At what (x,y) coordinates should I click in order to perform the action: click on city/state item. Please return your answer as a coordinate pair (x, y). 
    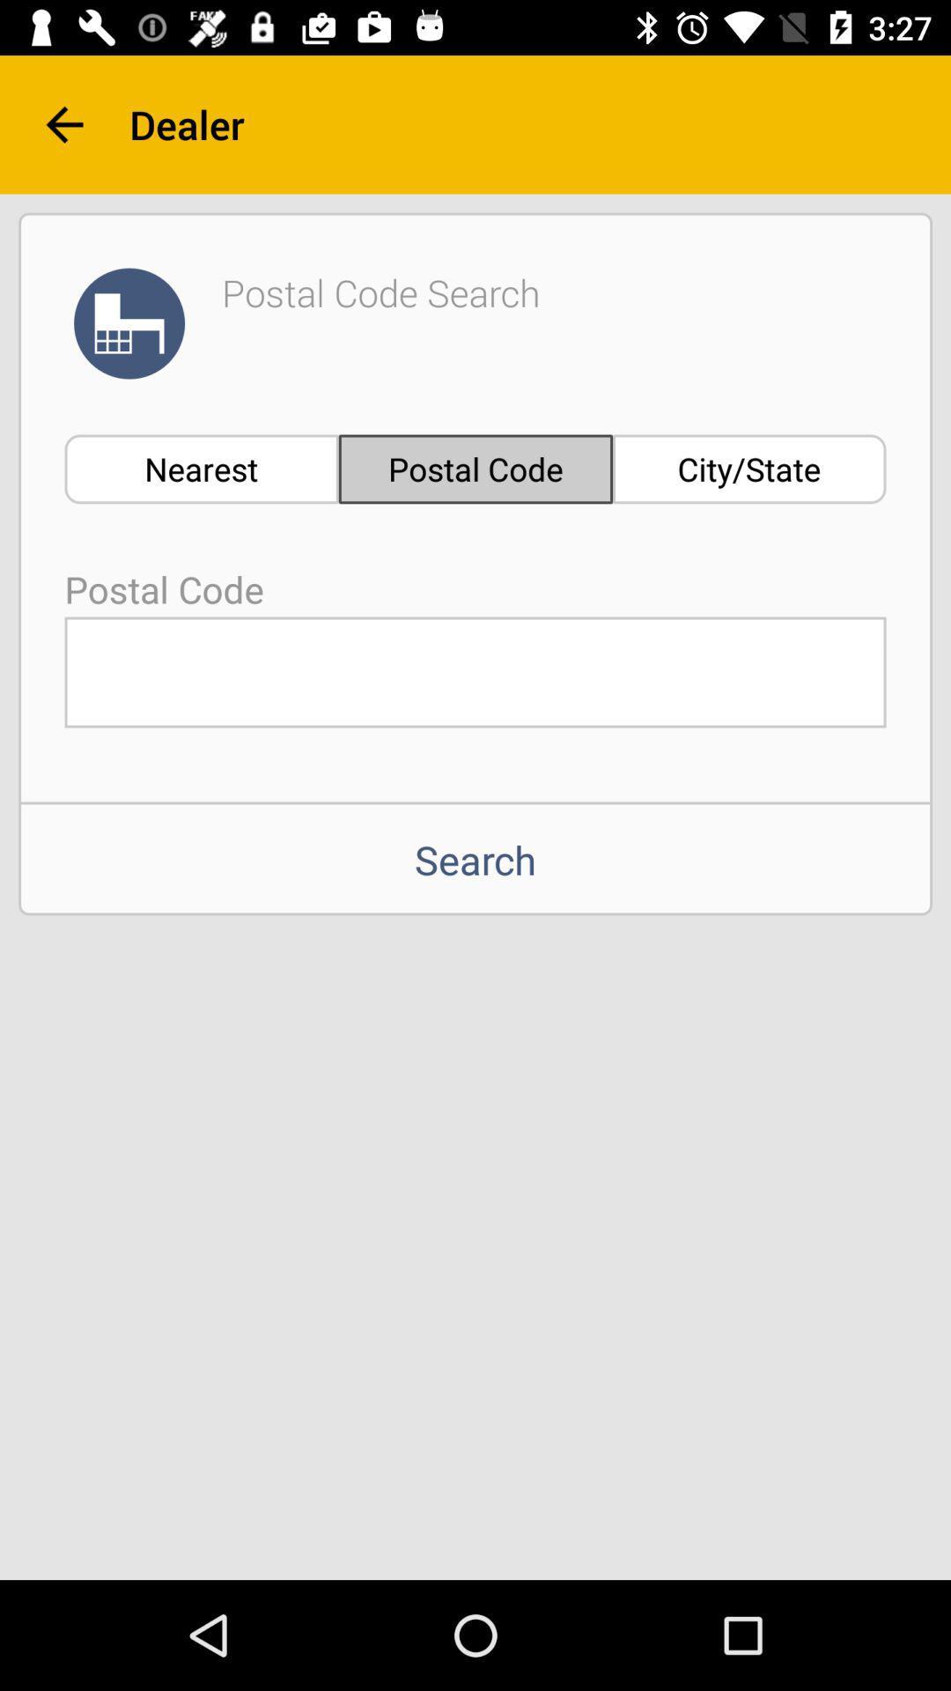
    Looking at the image, I should click on (749, 469).